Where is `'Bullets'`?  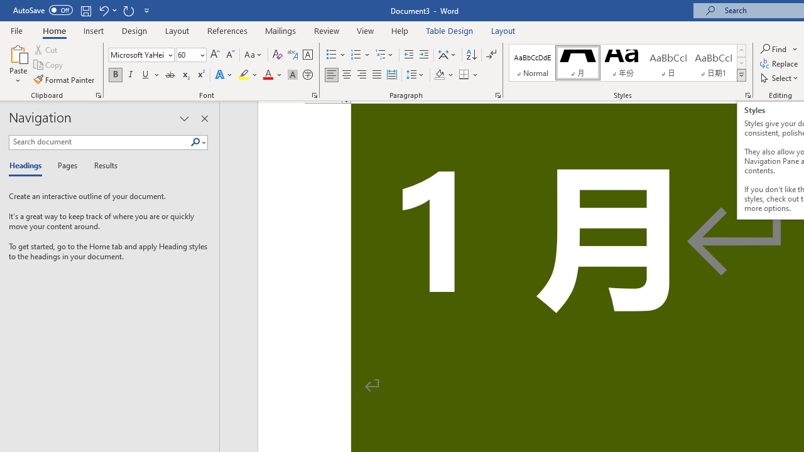
'Bullets' is located at coordinates (332, 54).